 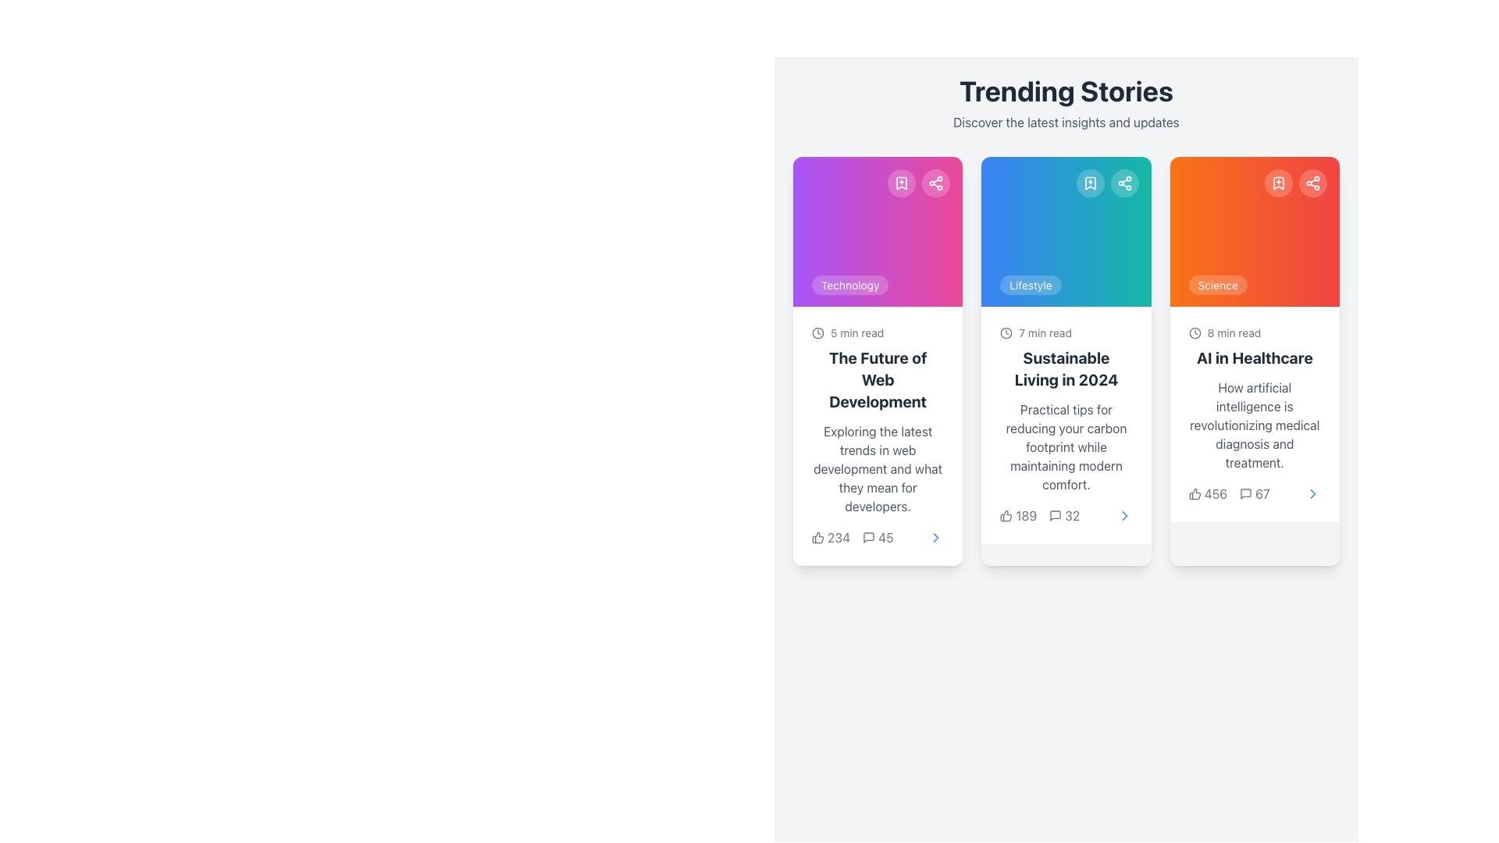 I want to click on the static text label displaying the estimated reading time located in the bottom-left area of the third story card in the 'Trending Stories' section, positioned to the right of a clock icon, so click(x=1233, y=333).